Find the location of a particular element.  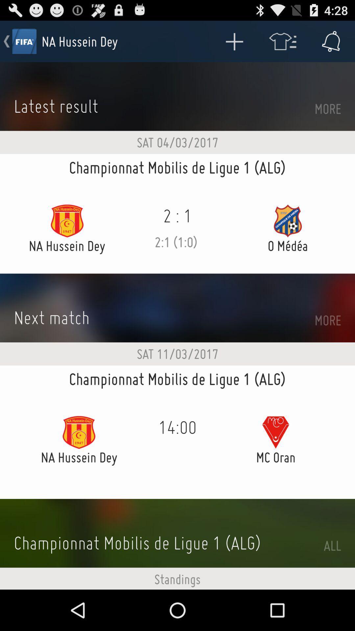

the item above more item is located at coordinates (331, 41).